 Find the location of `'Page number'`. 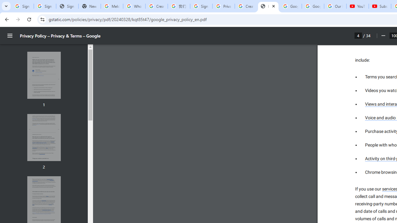

'Page number' is located at coordinates (358, 35).